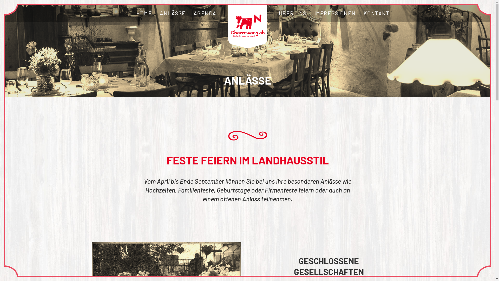 Image resolution: width=499 pixels, height=281 pixels. I want to click on 'HOME', so click(144, 13).